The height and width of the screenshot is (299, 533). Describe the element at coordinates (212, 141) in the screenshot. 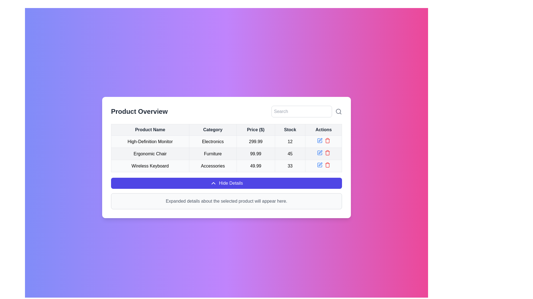

I see `text 'Electronics' from the category label cell for the product 'High-Definition Monitor' in the second column of the first data row of the table under the 'Product Overview' heading` at that location.